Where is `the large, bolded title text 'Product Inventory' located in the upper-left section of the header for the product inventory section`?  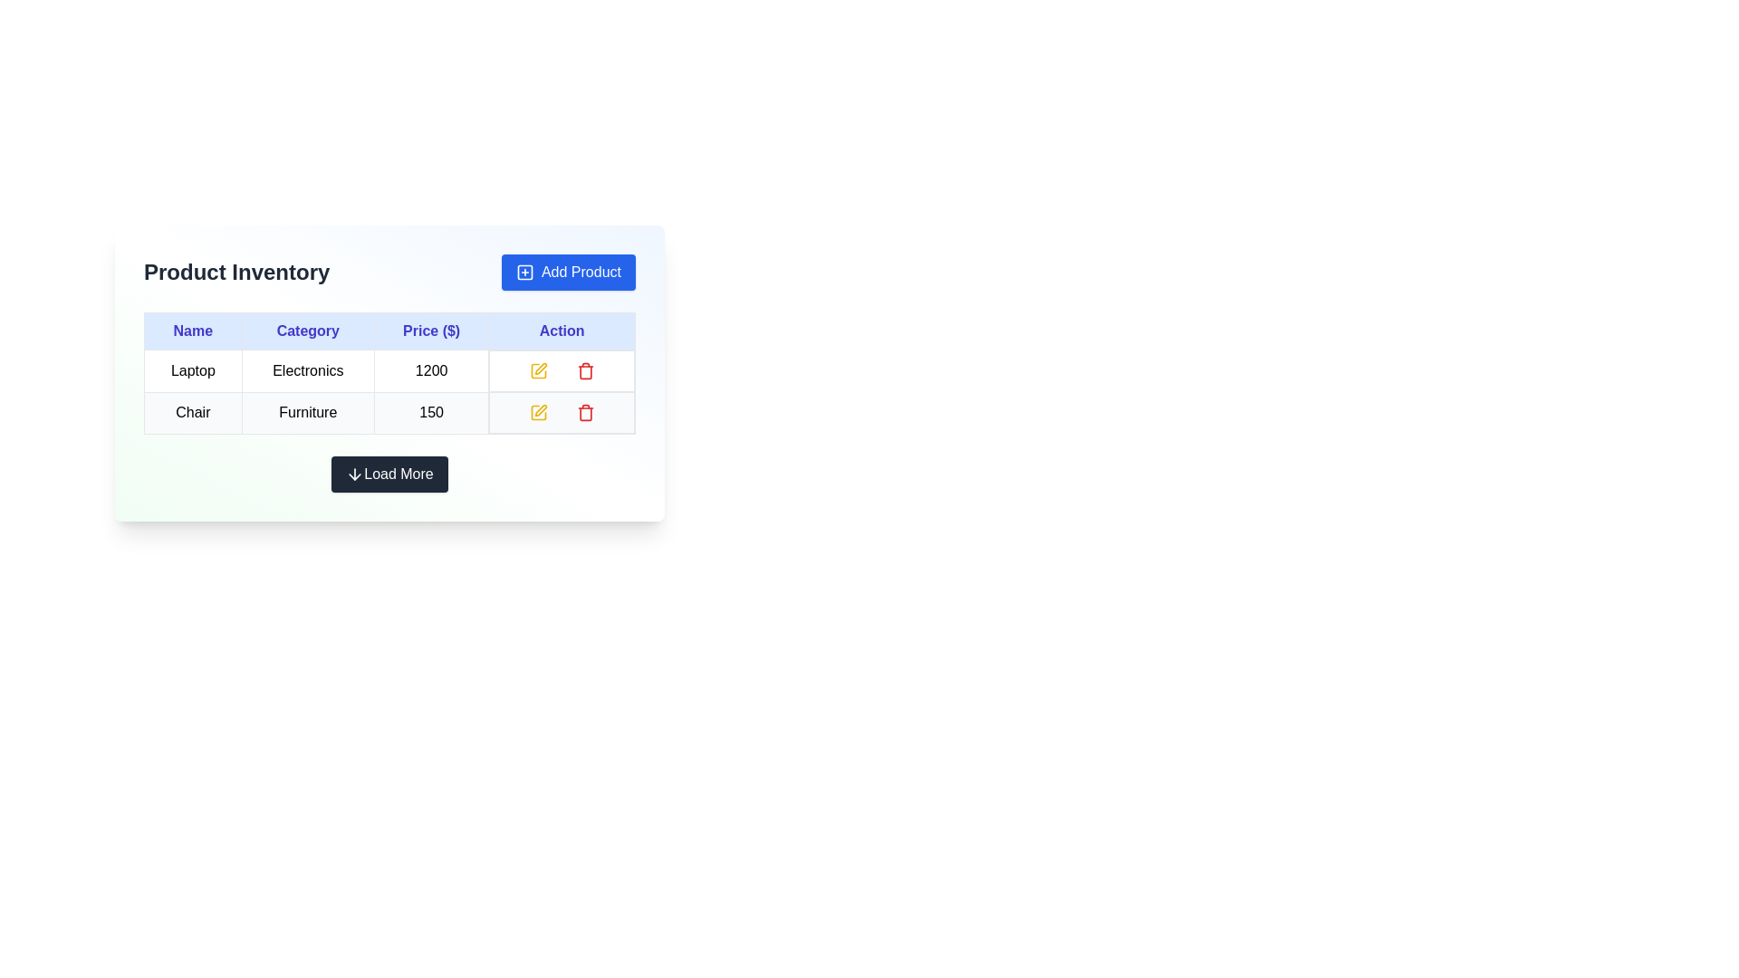
the large, bolded title text 'Product Inventory' located in the upper-left section of the header for the product inventory section is located at coordinates (235, 272).